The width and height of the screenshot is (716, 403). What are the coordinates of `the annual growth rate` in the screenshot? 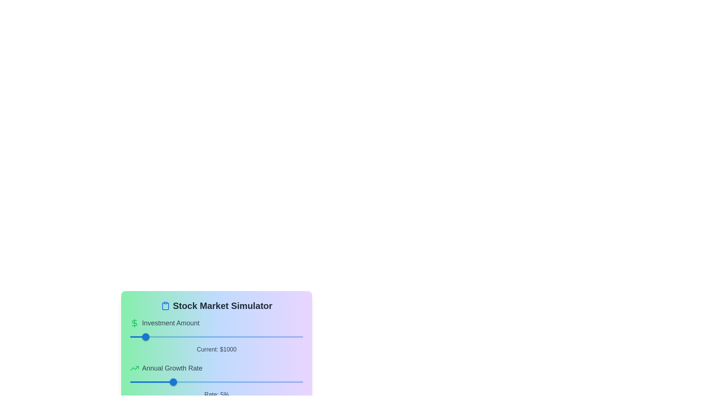 It's located at (273, 382).